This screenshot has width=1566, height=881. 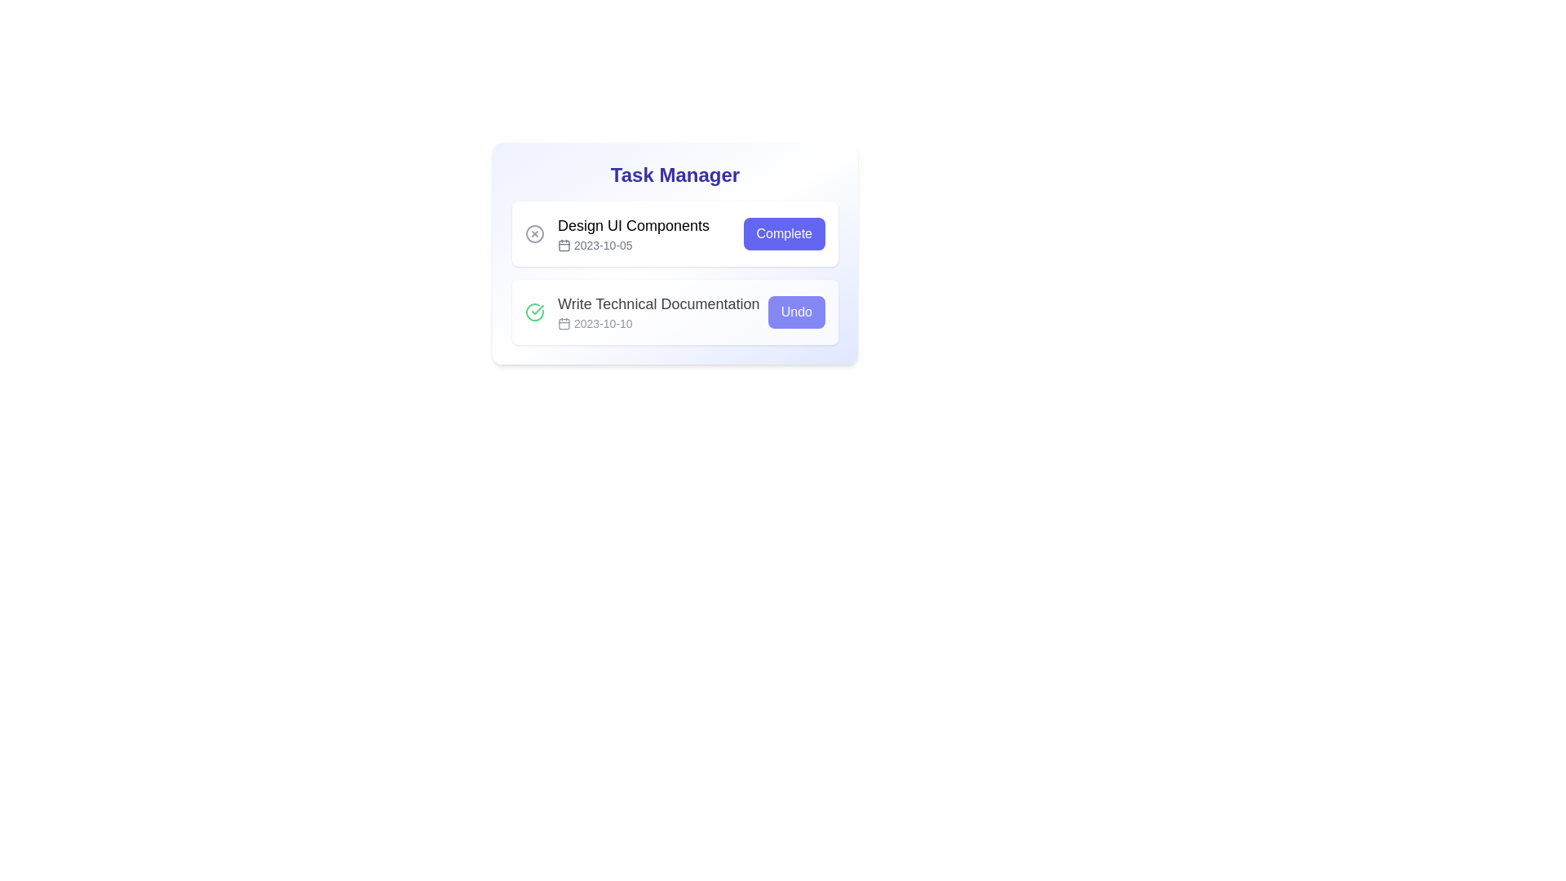 I want to click on the button to toggle the completion status of the task with ID 1, so click(x=784, y=233).